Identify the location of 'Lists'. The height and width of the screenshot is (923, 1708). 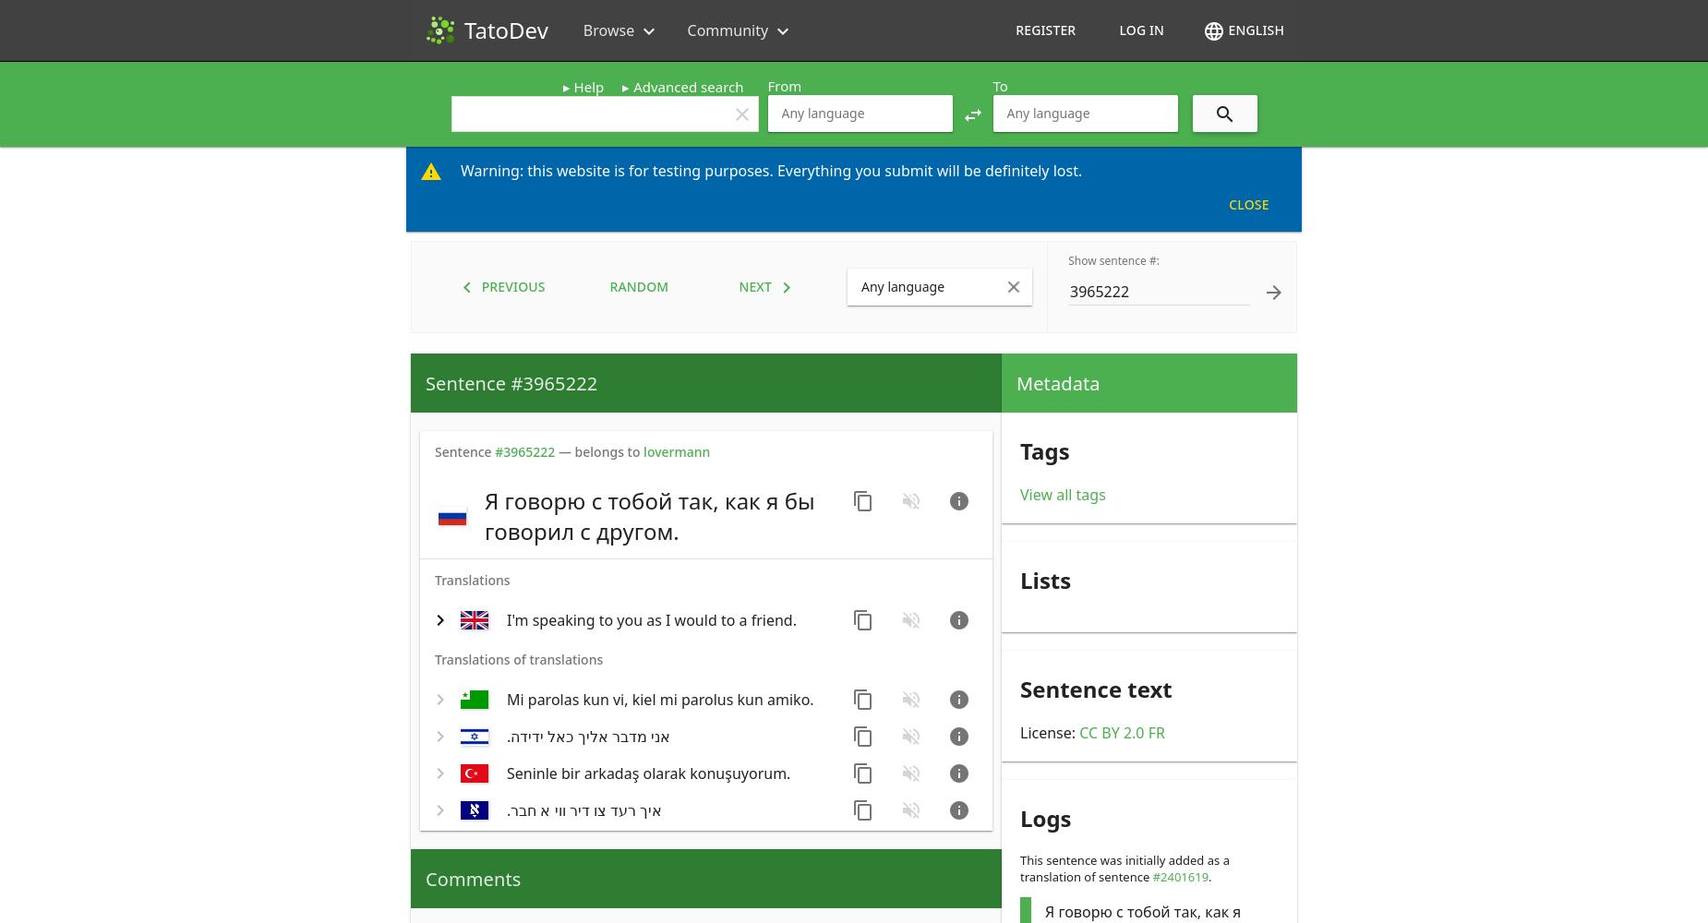
(1044, 579).